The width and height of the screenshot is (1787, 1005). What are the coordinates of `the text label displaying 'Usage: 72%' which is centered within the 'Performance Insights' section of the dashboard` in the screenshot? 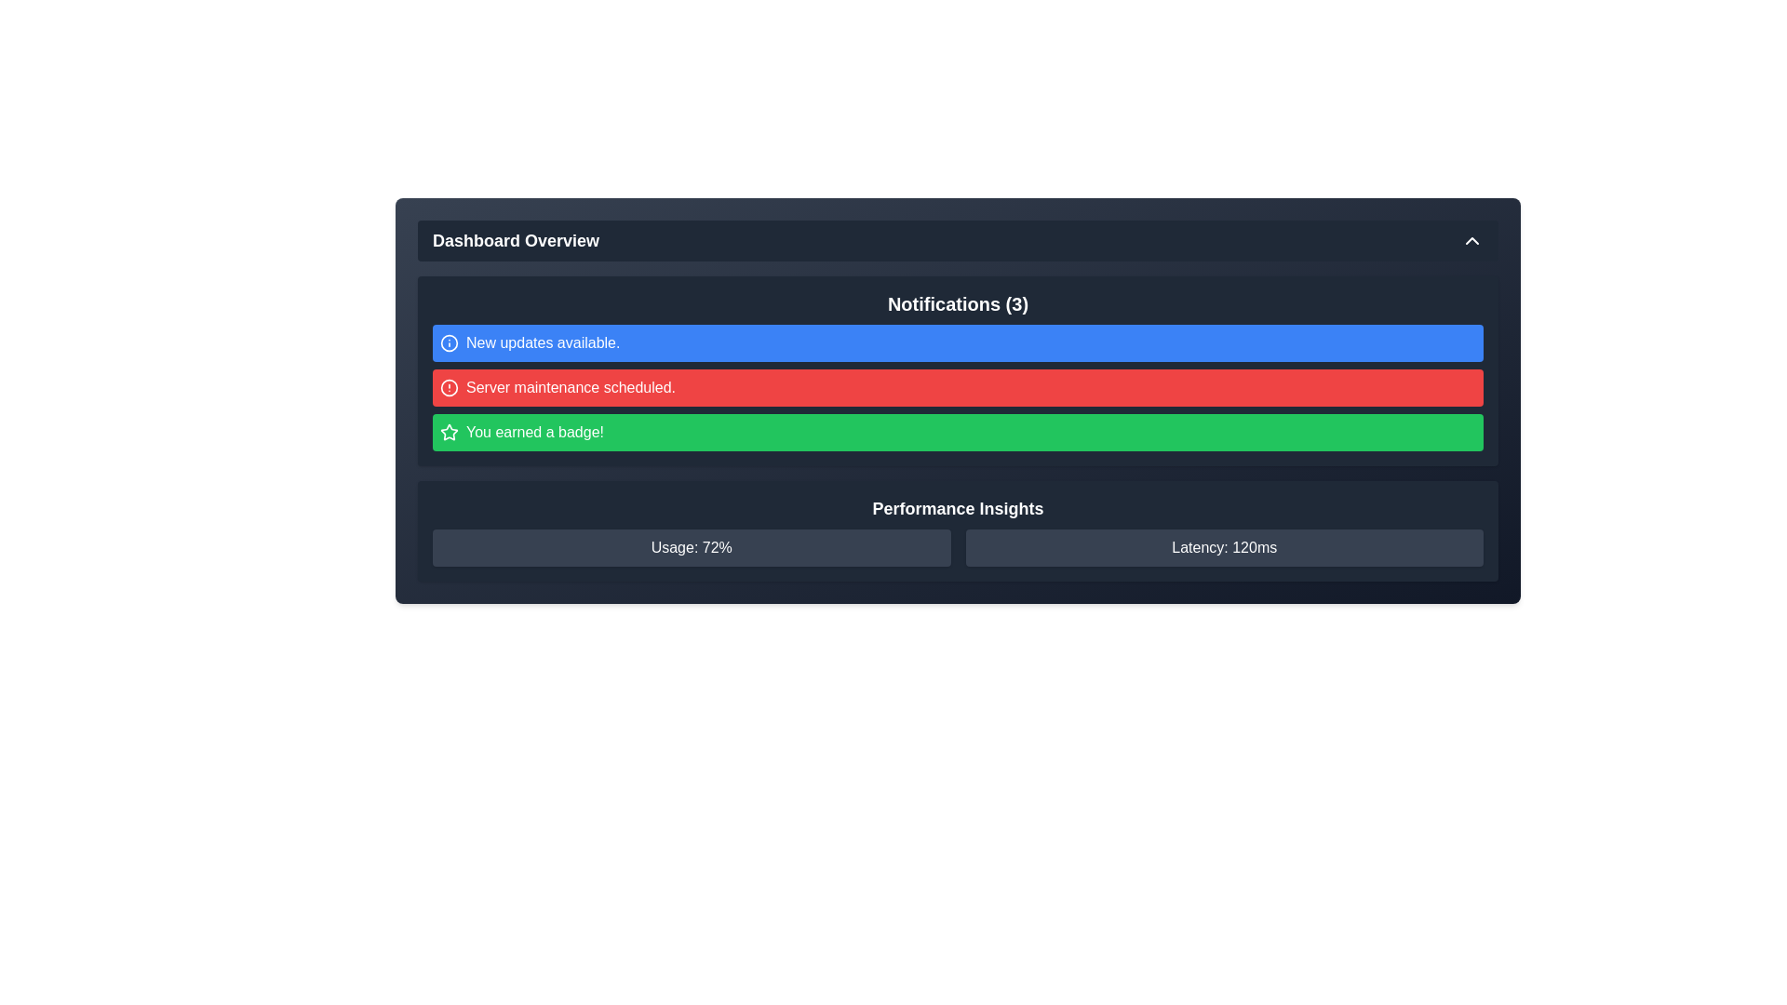 It's located at (691, 547).